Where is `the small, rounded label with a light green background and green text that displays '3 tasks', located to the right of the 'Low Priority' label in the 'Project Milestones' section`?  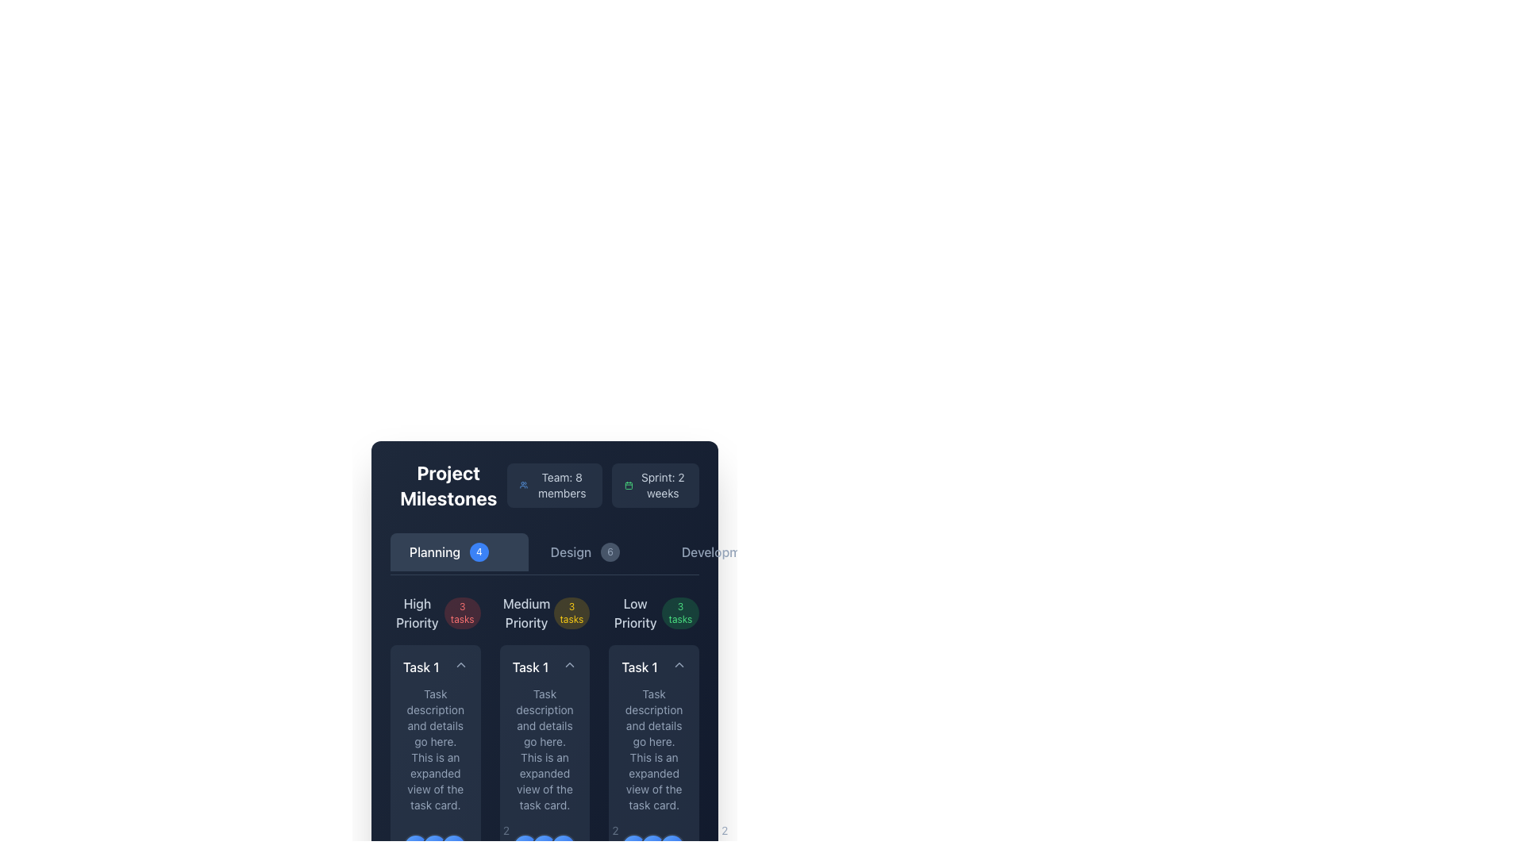
the small, rounded label with a light green background and green text that displays '3 tasks', located to the right of the 'Low Priority' label in the 'Project Milestones' section is located at coordinates (680, 612).